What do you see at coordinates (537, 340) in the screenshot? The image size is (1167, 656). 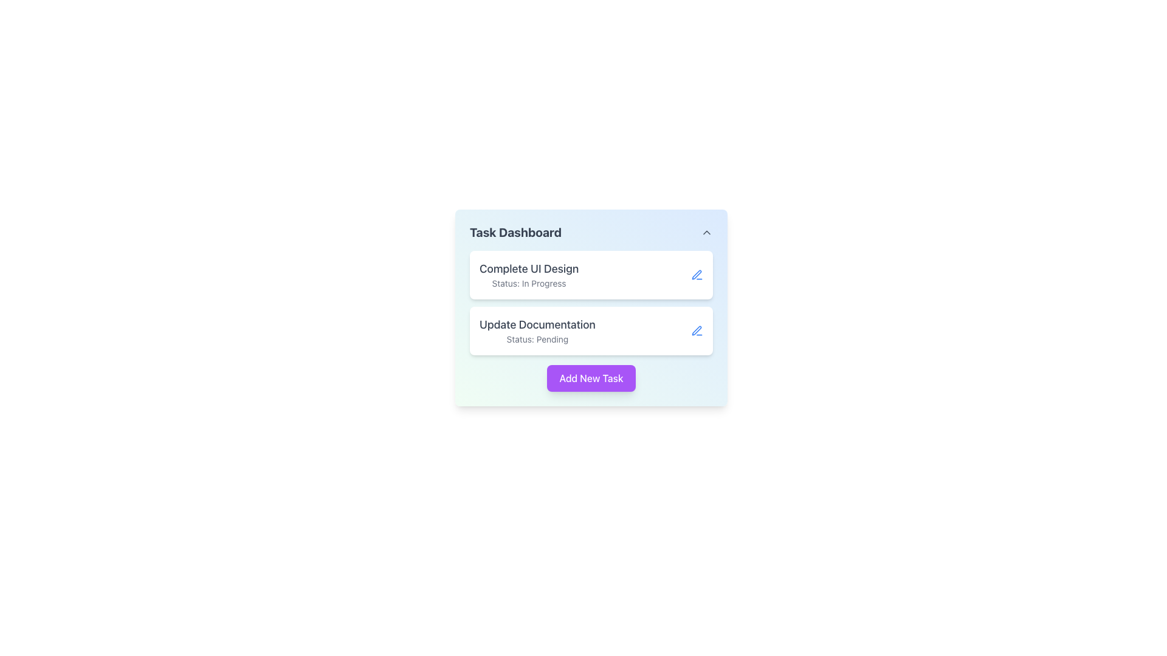 I see `the static text element that reads 'Status: Pending', which is styled in a small-sized, gray-colored font and is located directly below the header text 'Update Documentation'` at bounding box center [537, 340].